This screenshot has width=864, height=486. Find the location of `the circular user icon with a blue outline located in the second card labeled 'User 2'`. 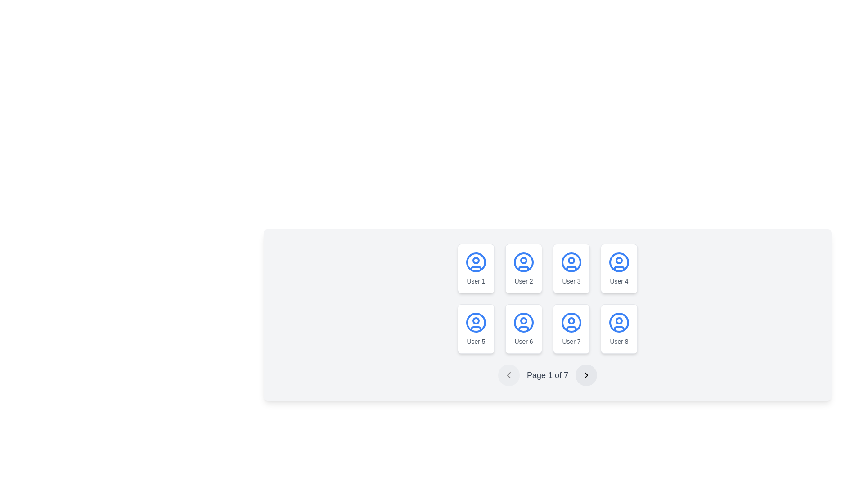

the circular user icon with a blue outline located in the second card labeled 'User 2' is located at coordinates (523, 262).